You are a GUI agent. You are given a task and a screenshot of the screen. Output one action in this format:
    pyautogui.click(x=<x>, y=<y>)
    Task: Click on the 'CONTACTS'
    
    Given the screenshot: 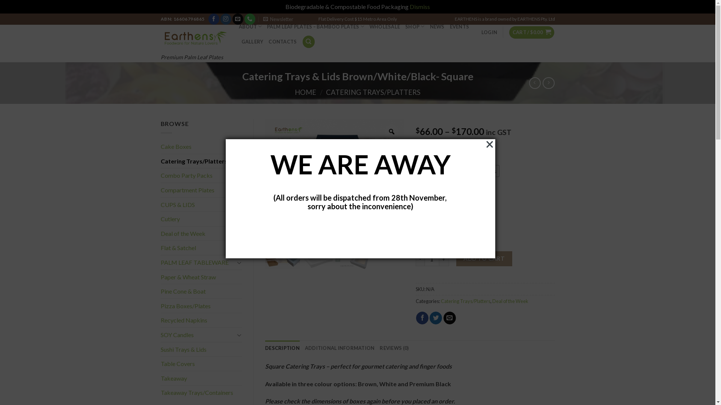 What is the action you would take?
    pyautogui.click(x=282, y=42)
    